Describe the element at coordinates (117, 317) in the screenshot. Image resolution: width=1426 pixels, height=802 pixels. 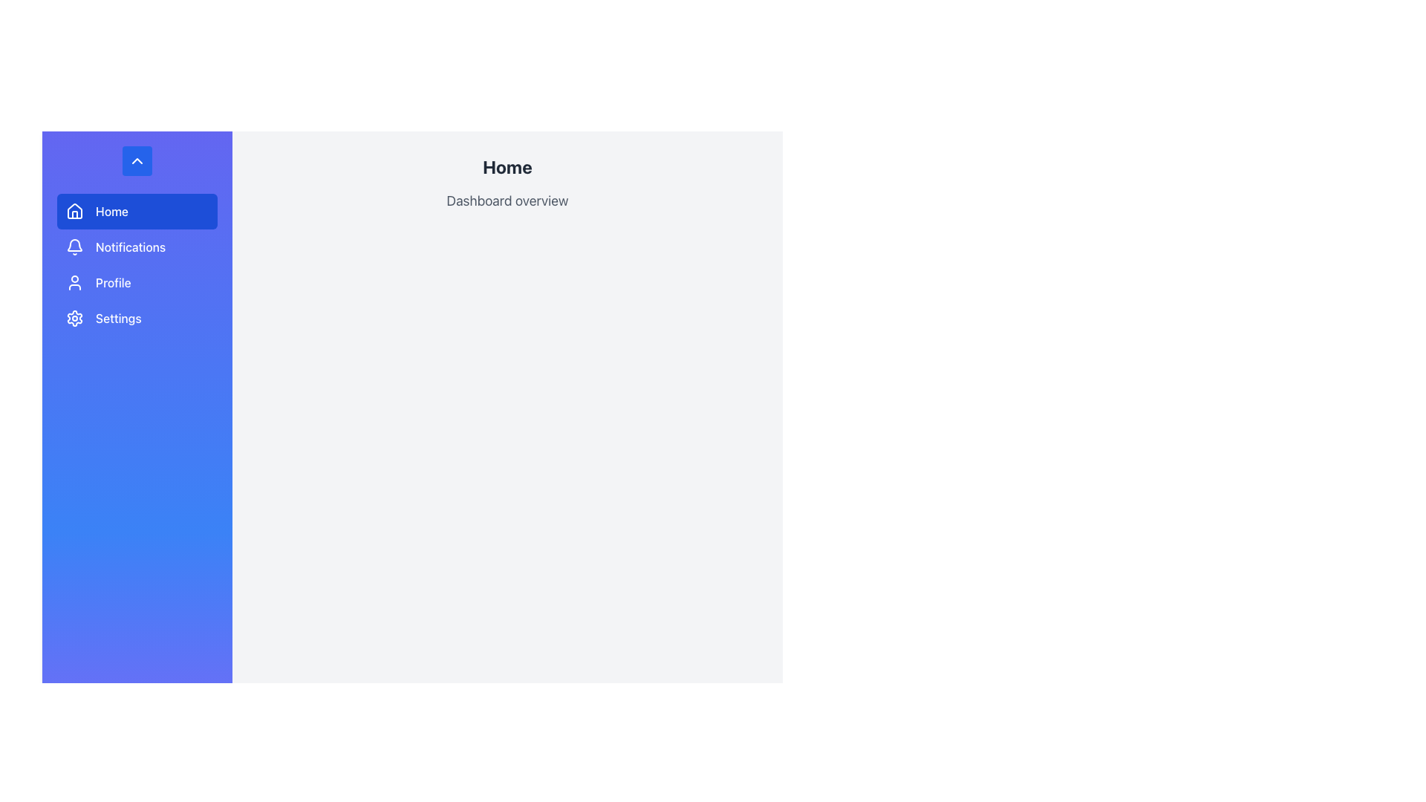
I see `the 'Settings' label, which is located on the left sidebar below the 'Profile' label` at that location.